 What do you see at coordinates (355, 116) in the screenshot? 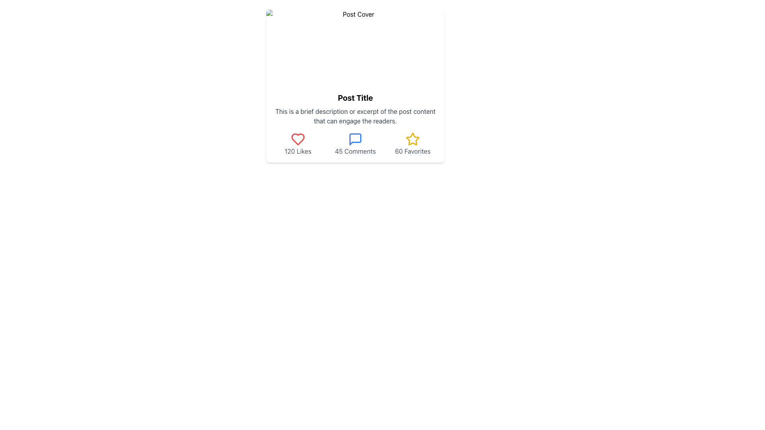
I see `the descriptive text block located below the 'Post Title' heading and above the interactive elements such as '120 Likes', '45 Comments', and '60 Favorites'` at bounding box center [355, 116].